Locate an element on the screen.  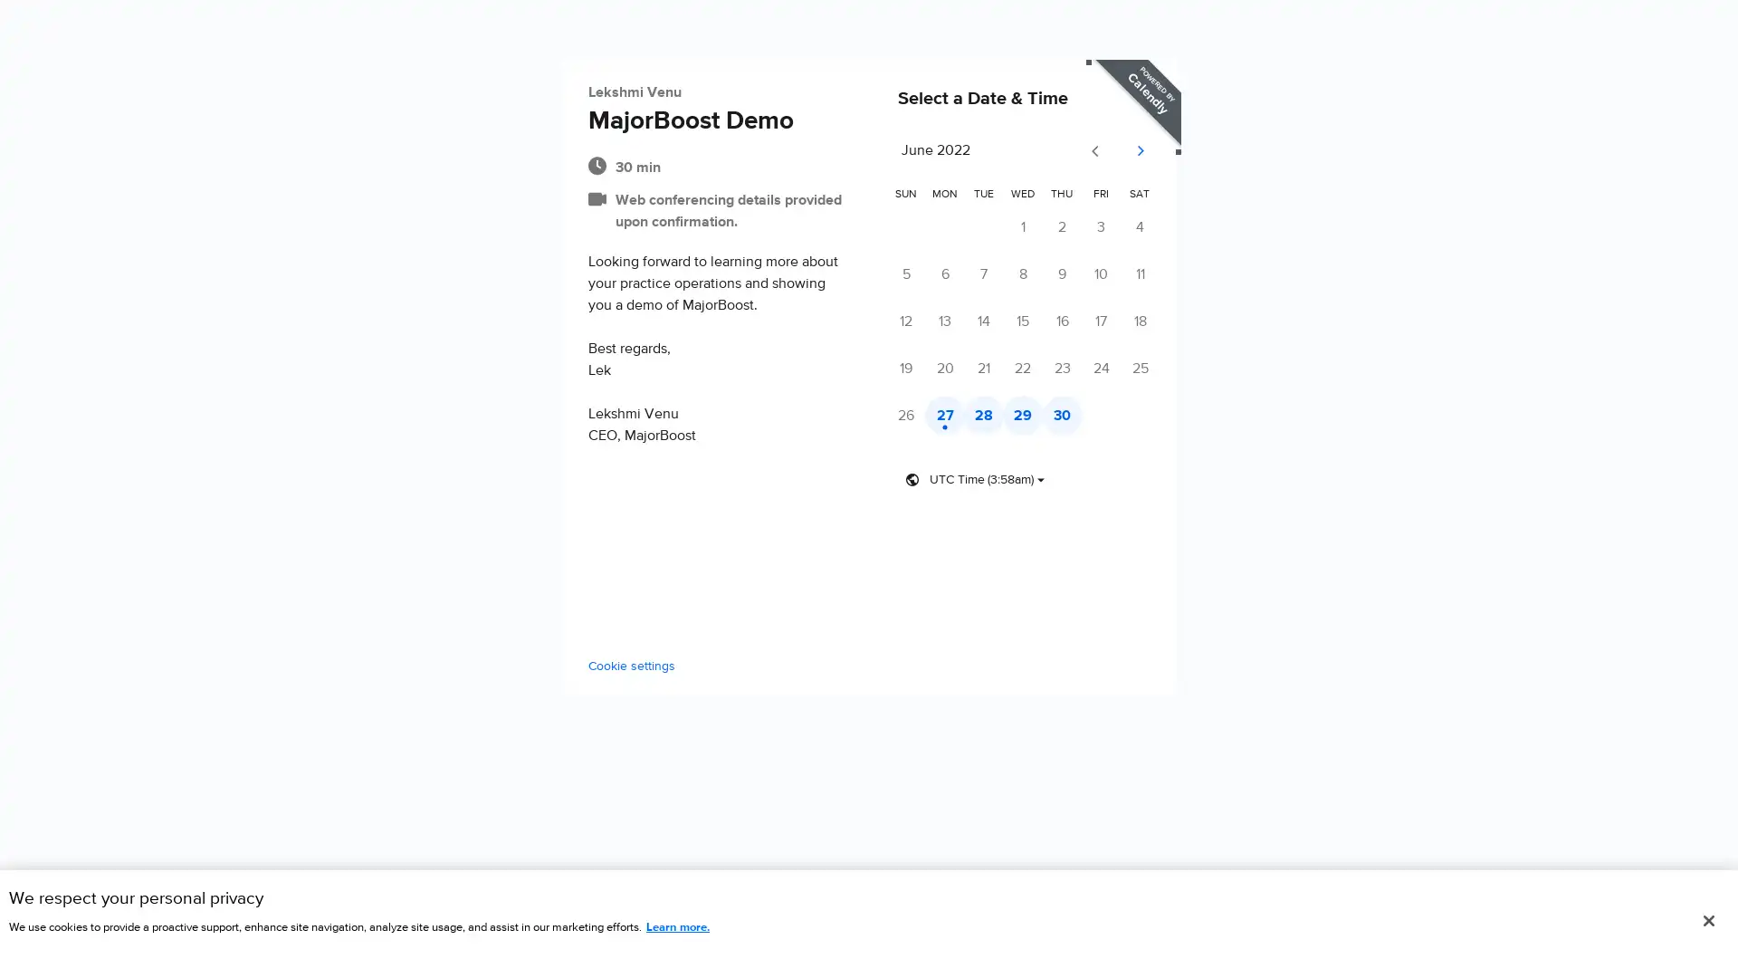
Tuesday, June 28 - Times available is located at coordinates (1001, 416).